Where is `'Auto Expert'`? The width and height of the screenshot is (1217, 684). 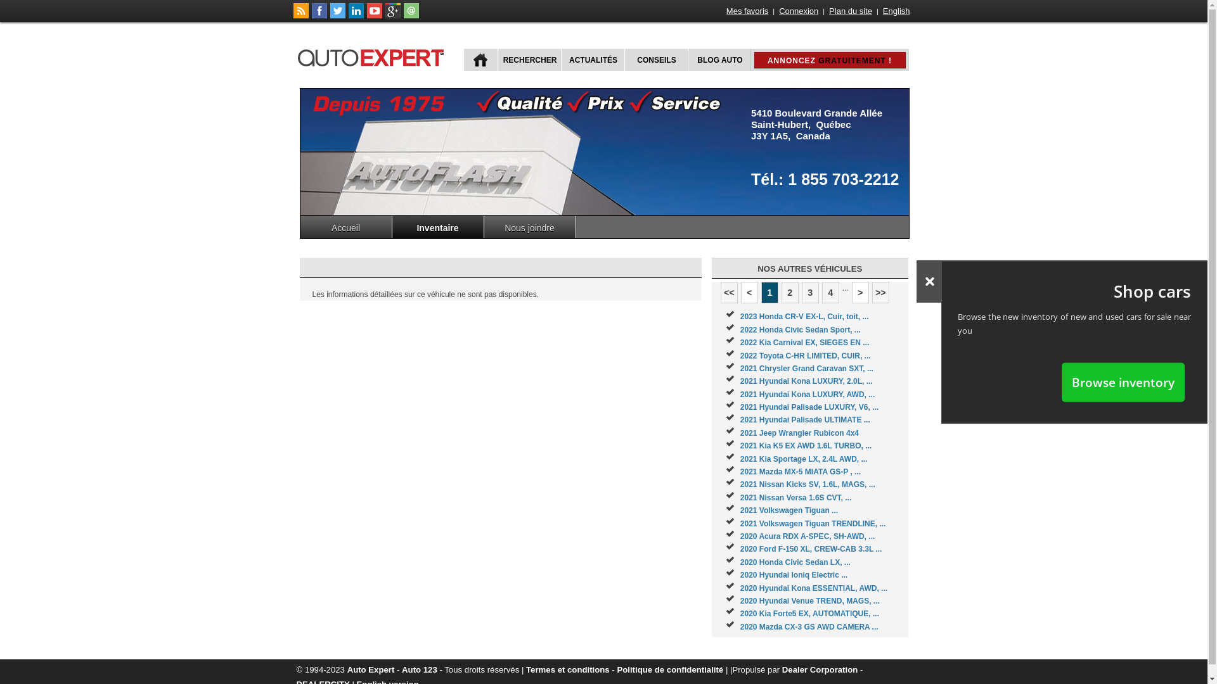 'Auto Expert' is located at coordinates (370, 669).